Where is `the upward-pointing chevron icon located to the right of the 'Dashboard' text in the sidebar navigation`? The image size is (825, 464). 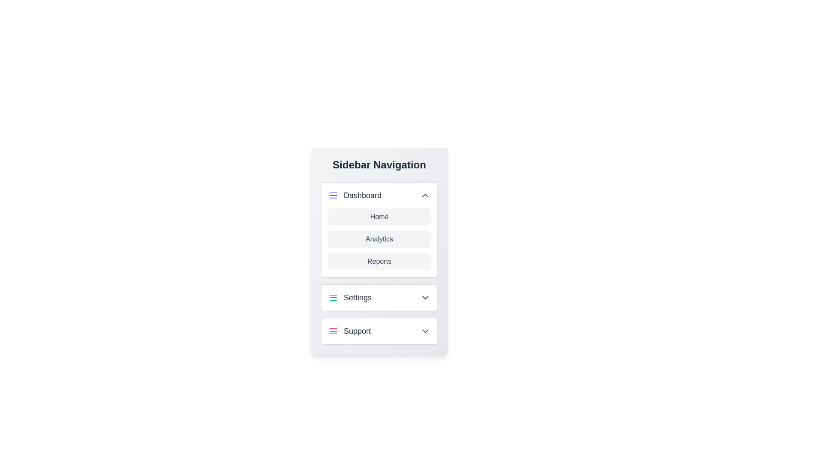 the upward-pointing chevron icon located to the right of the 'Dashboard' text in the sidebar navigation is located at coordinates (425, 195).